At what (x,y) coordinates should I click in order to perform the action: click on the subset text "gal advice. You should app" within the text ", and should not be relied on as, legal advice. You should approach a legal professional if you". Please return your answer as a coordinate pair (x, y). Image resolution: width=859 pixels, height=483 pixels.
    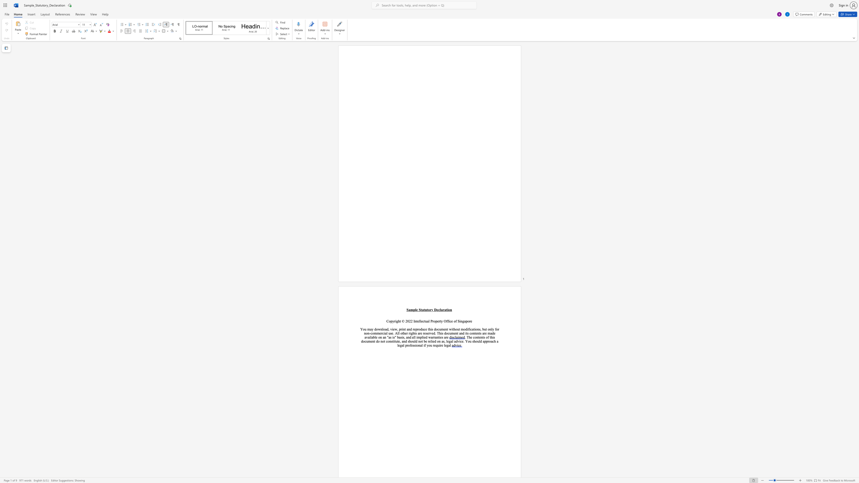
    Looking at the image, I should click on (449, 341).